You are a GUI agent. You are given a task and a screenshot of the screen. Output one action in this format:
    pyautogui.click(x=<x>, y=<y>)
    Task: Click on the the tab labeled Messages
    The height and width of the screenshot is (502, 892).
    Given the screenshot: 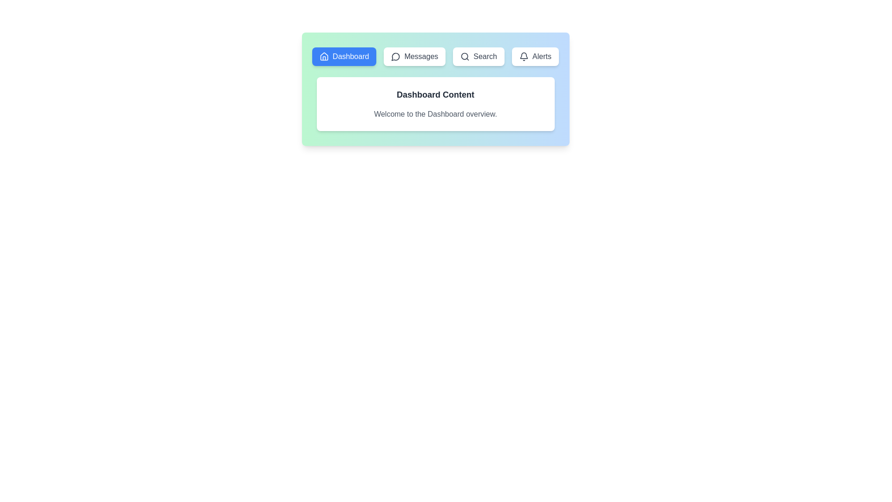 What is the action you would take?
    pyautogui.click(x=414, y=57)
    